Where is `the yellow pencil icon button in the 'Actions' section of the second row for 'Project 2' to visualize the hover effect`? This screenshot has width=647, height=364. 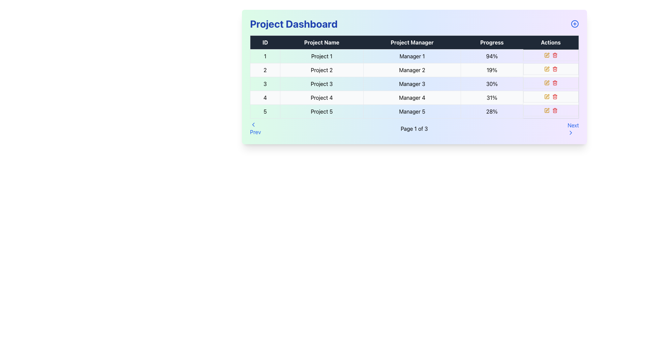
the yellow pencil icon button in the 'Actions' section of the second row for 'Project 2' to visualize the hover effect is located at coordinates (547, 69).